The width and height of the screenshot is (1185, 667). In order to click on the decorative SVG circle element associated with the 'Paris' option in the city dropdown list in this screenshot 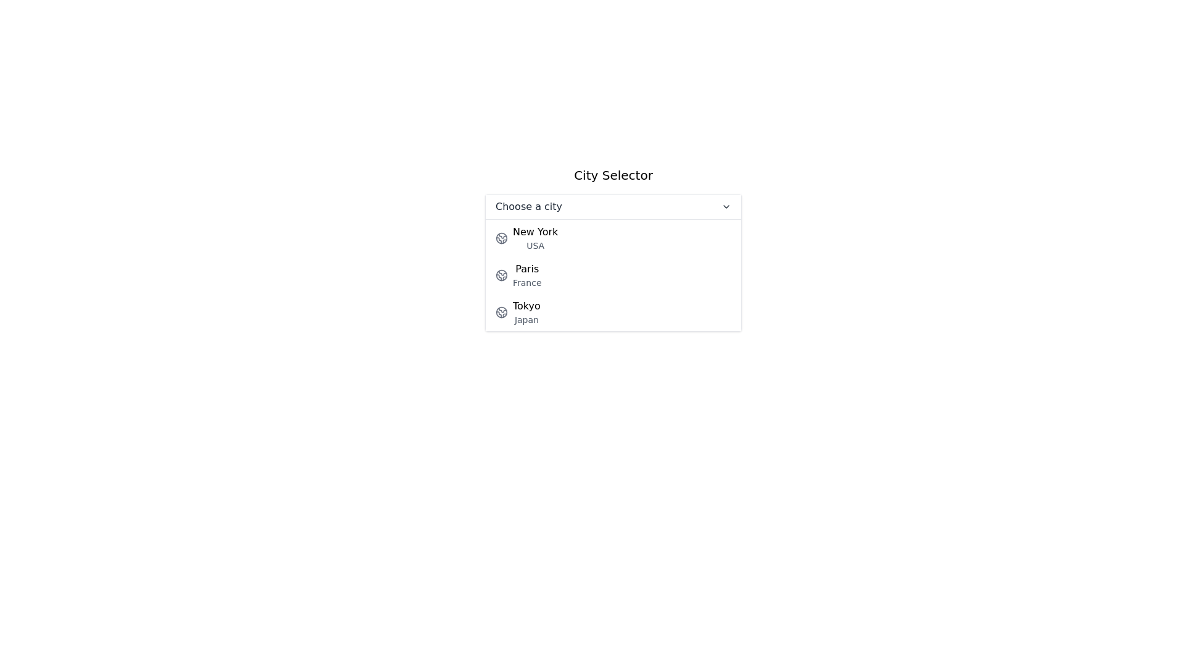, I will do `click(501, 275)`.